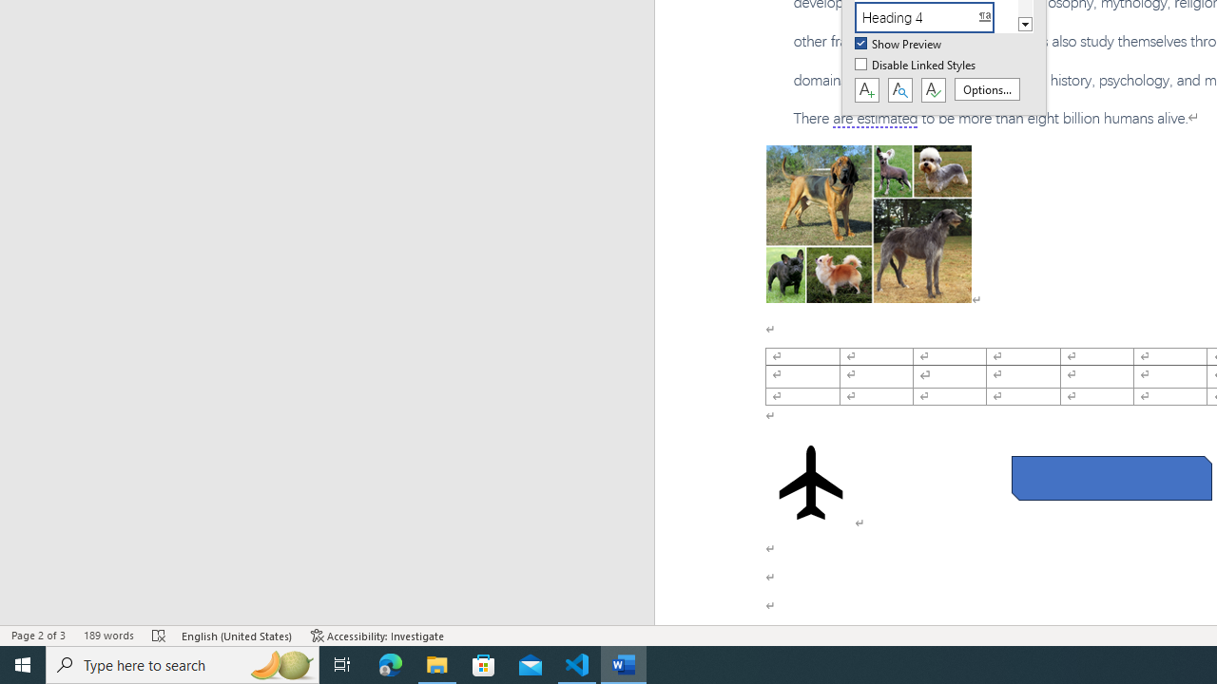 The width and height of the screenshot is (1217, 684). What do you see at coordinates (867, 222) in the screenshot?
I see `'Morphological variation in six dogs'` at bounding box center [867, 222].